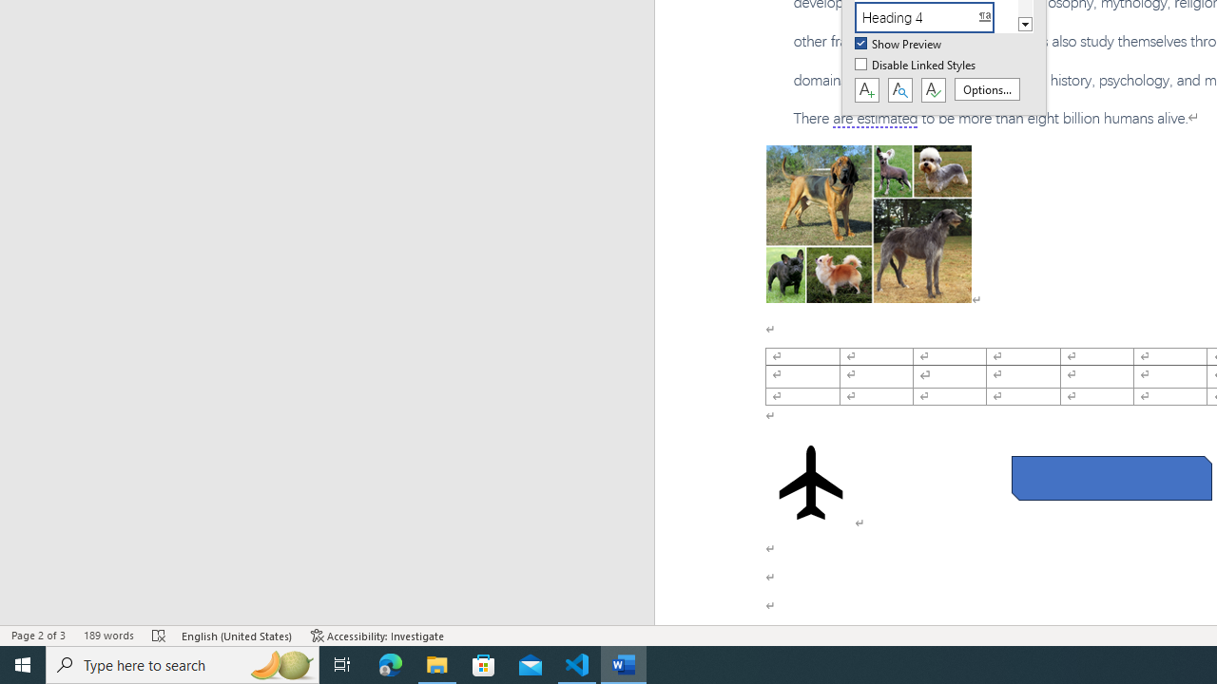 The width and height of the screenshot is (1217, 684). What do you see at coordinates (867, 222) in the screenshot?
I see `'Morphological variation in six dogs'` at bounding box center [867, 222].